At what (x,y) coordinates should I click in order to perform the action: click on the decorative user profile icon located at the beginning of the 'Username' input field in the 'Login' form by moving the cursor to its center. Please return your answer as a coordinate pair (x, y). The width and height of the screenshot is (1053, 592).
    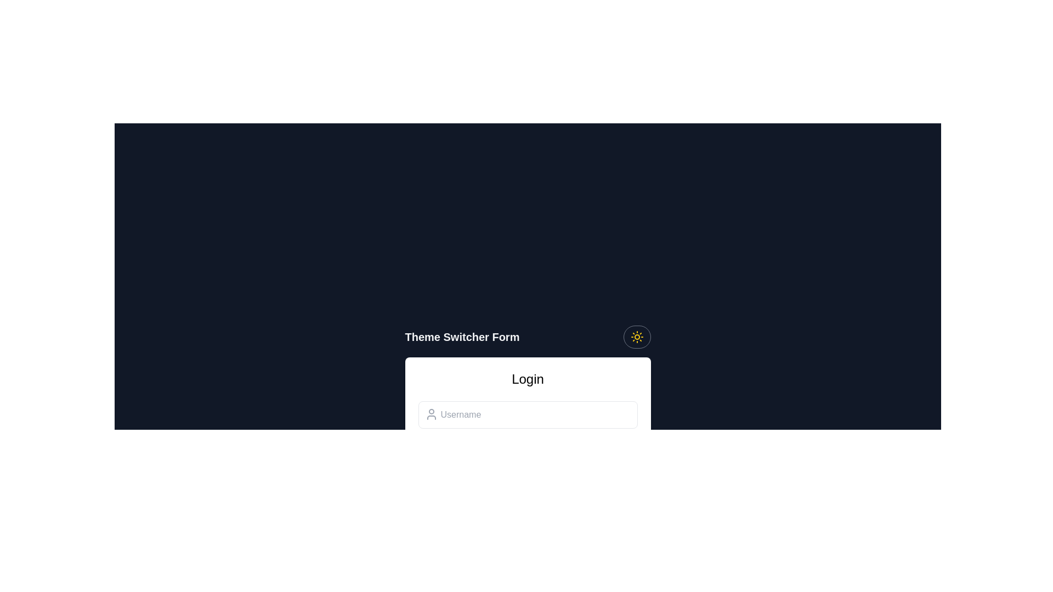
    Looking at the image, I should click on (431, 414).